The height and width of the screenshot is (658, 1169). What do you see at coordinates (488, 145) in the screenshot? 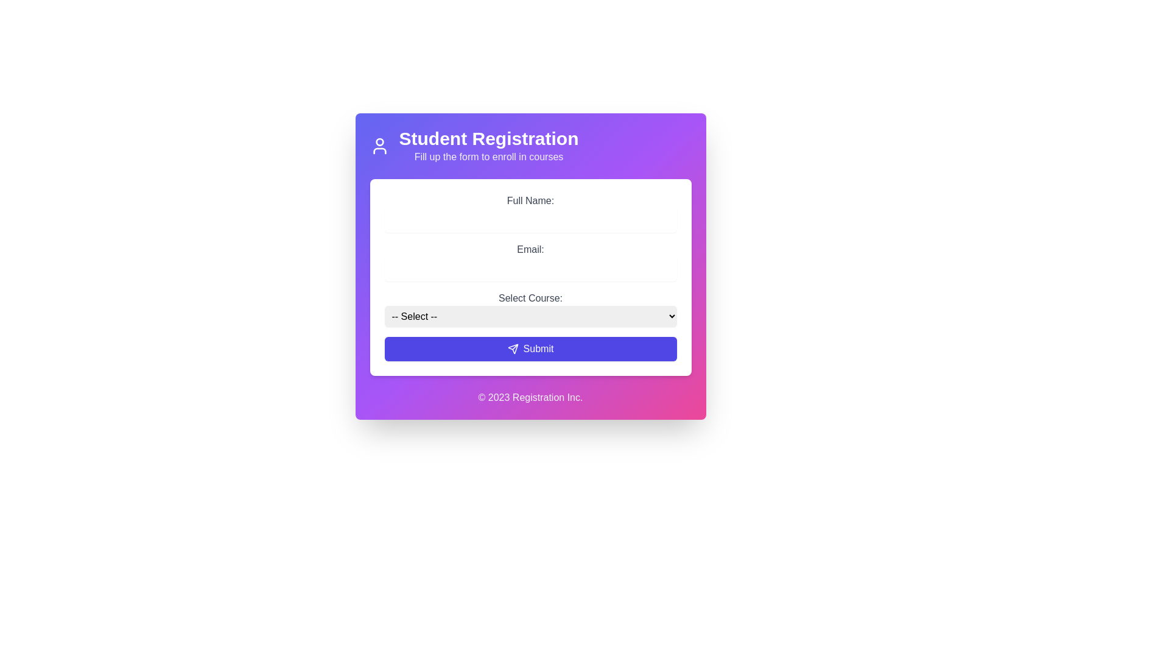
I see `the textual heading that serves as the title and introductory description for the course enrollment form, located at the top of the form interface` at bounding box center [488, 145].